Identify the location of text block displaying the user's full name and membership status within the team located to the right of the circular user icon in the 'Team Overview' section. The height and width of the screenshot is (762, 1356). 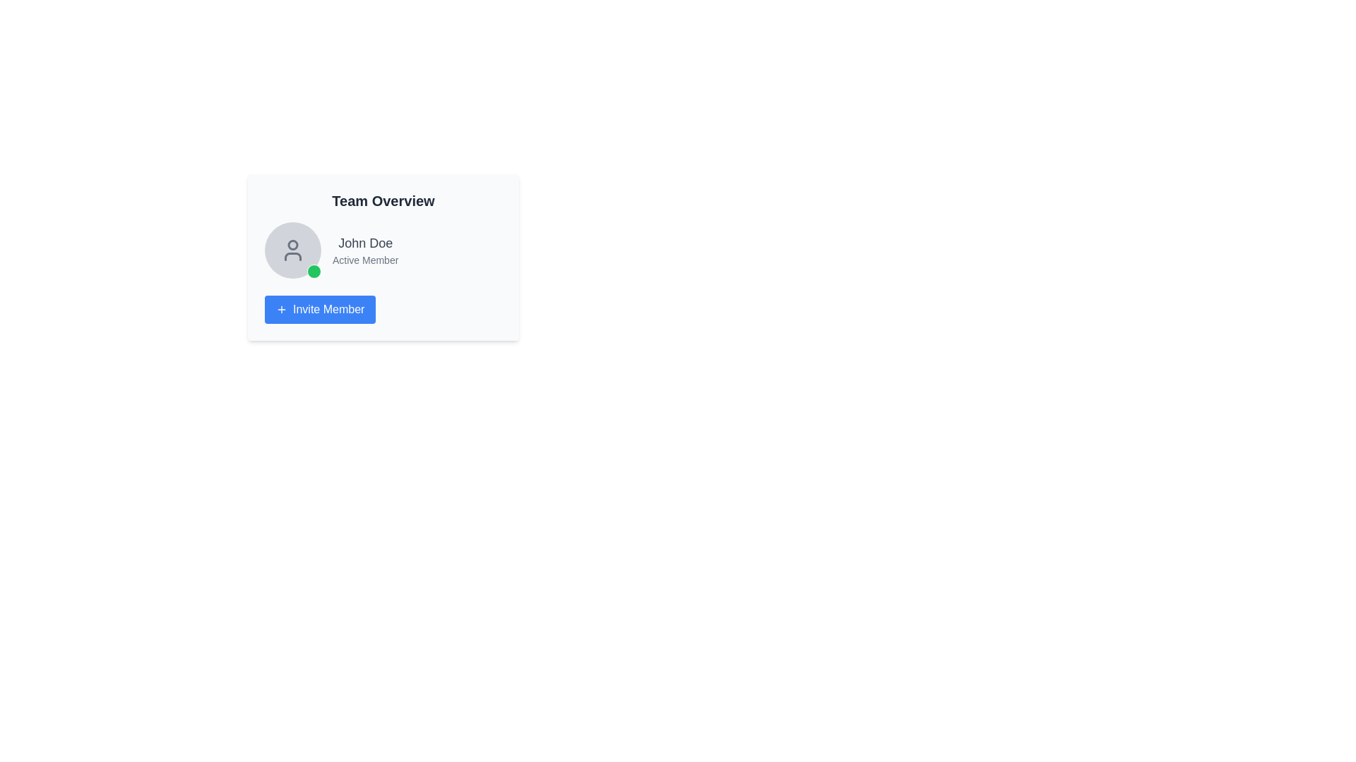
(365, 249).